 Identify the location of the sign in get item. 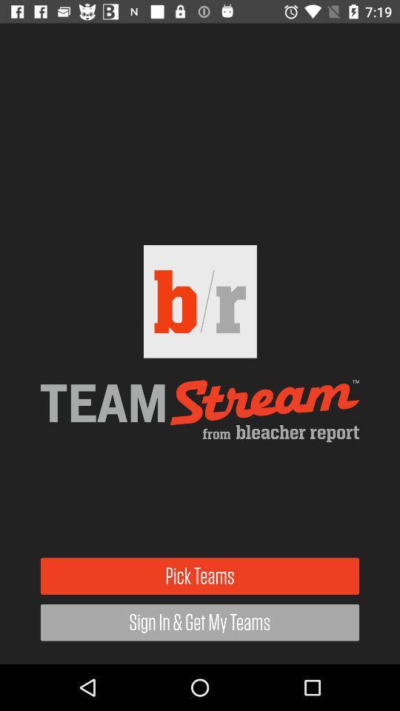
(200, 622).